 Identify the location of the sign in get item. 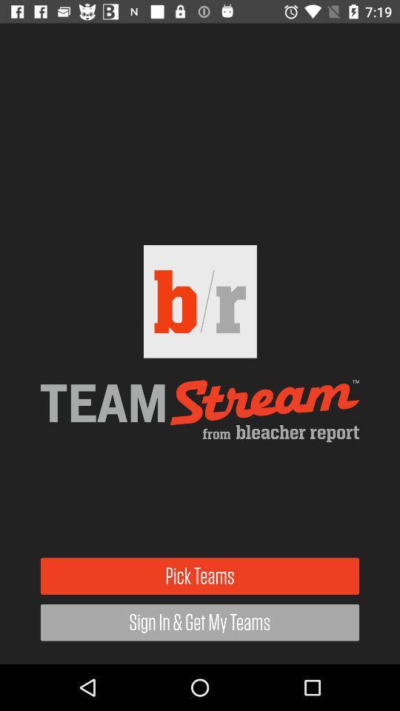
(200, 622).